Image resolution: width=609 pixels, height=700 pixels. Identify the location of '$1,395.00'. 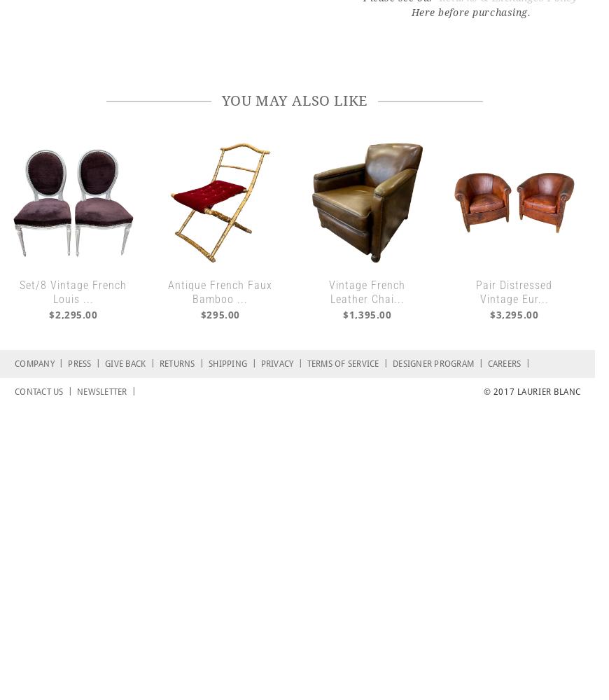
(366, 314).